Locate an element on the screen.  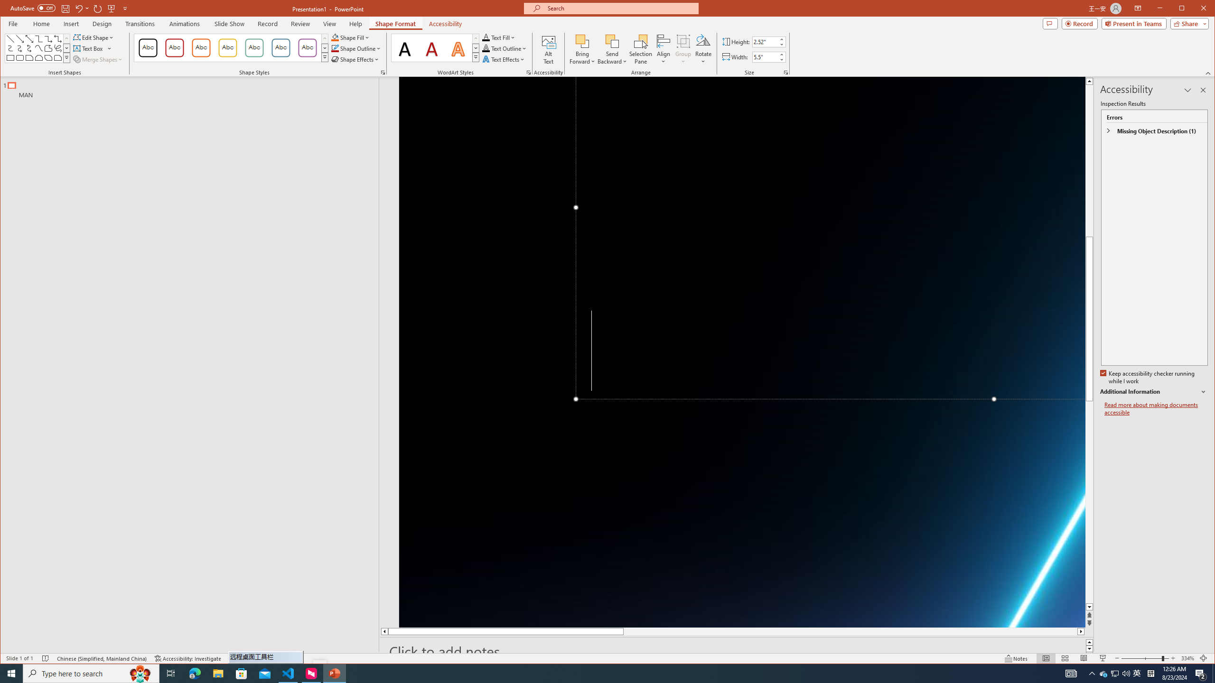
'Rotate' is located at coordinates (703, 49).